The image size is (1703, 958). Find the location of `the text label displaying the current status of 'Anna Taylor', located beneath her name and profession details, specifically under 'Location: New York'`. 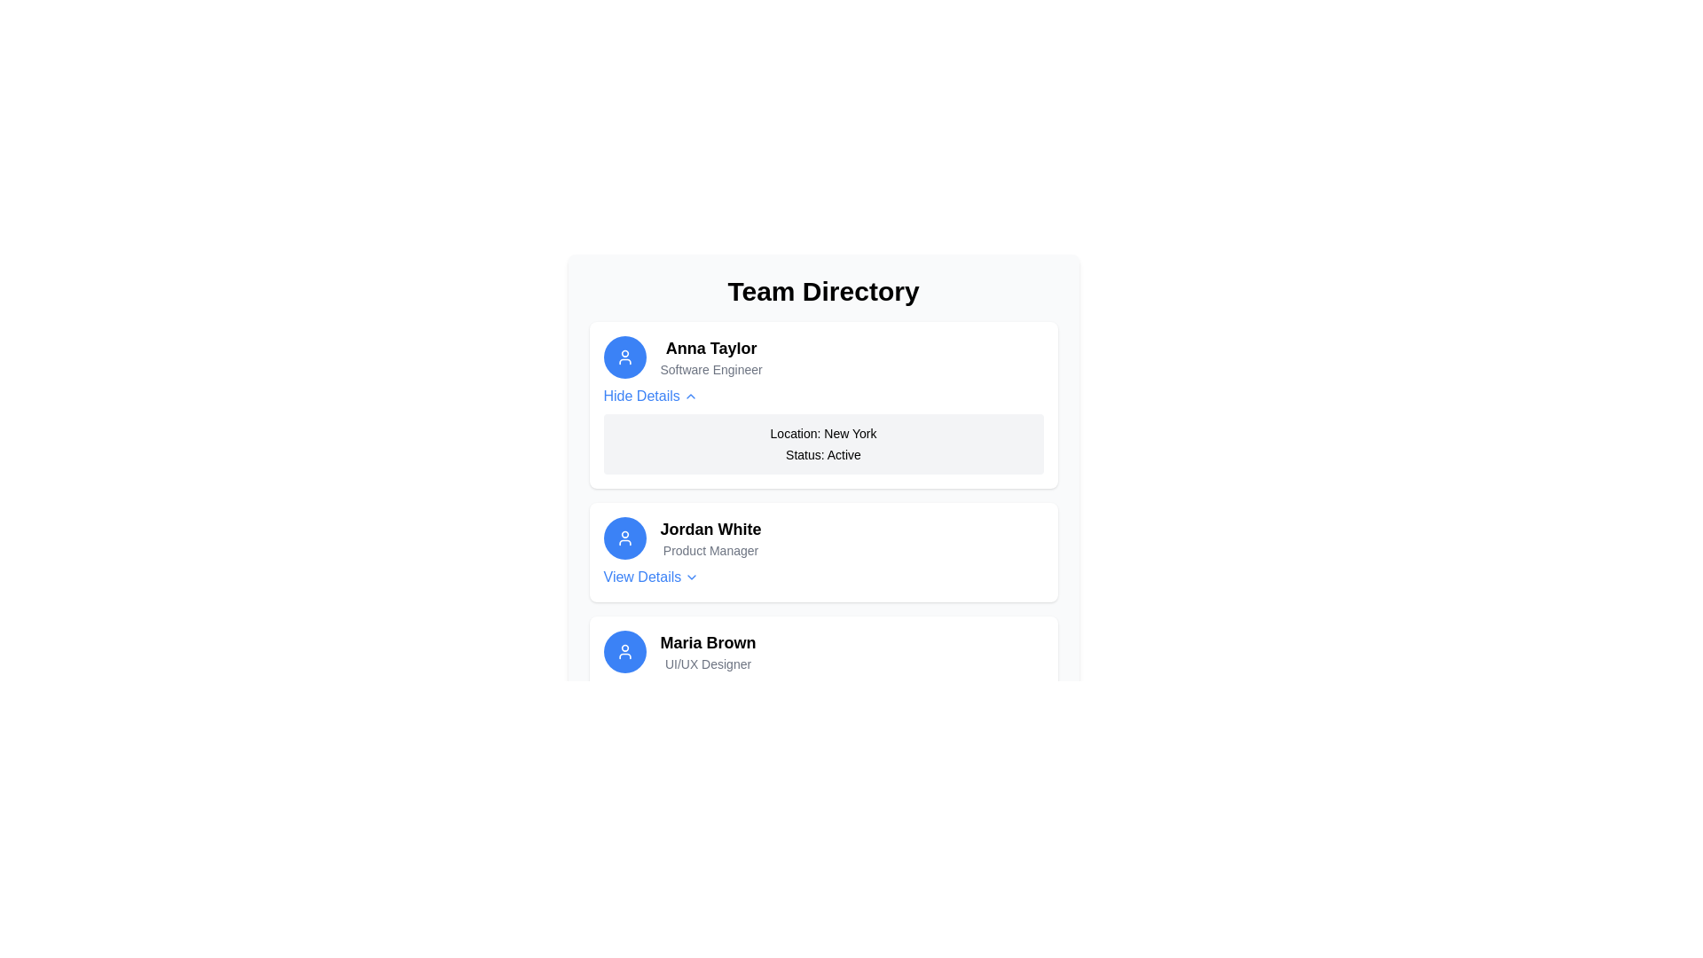

the text label displaying the current status of 'Anna Taylor', located beneath her name and profession details, specifically under 'Location: New York' is located at coordinates (822, 454).